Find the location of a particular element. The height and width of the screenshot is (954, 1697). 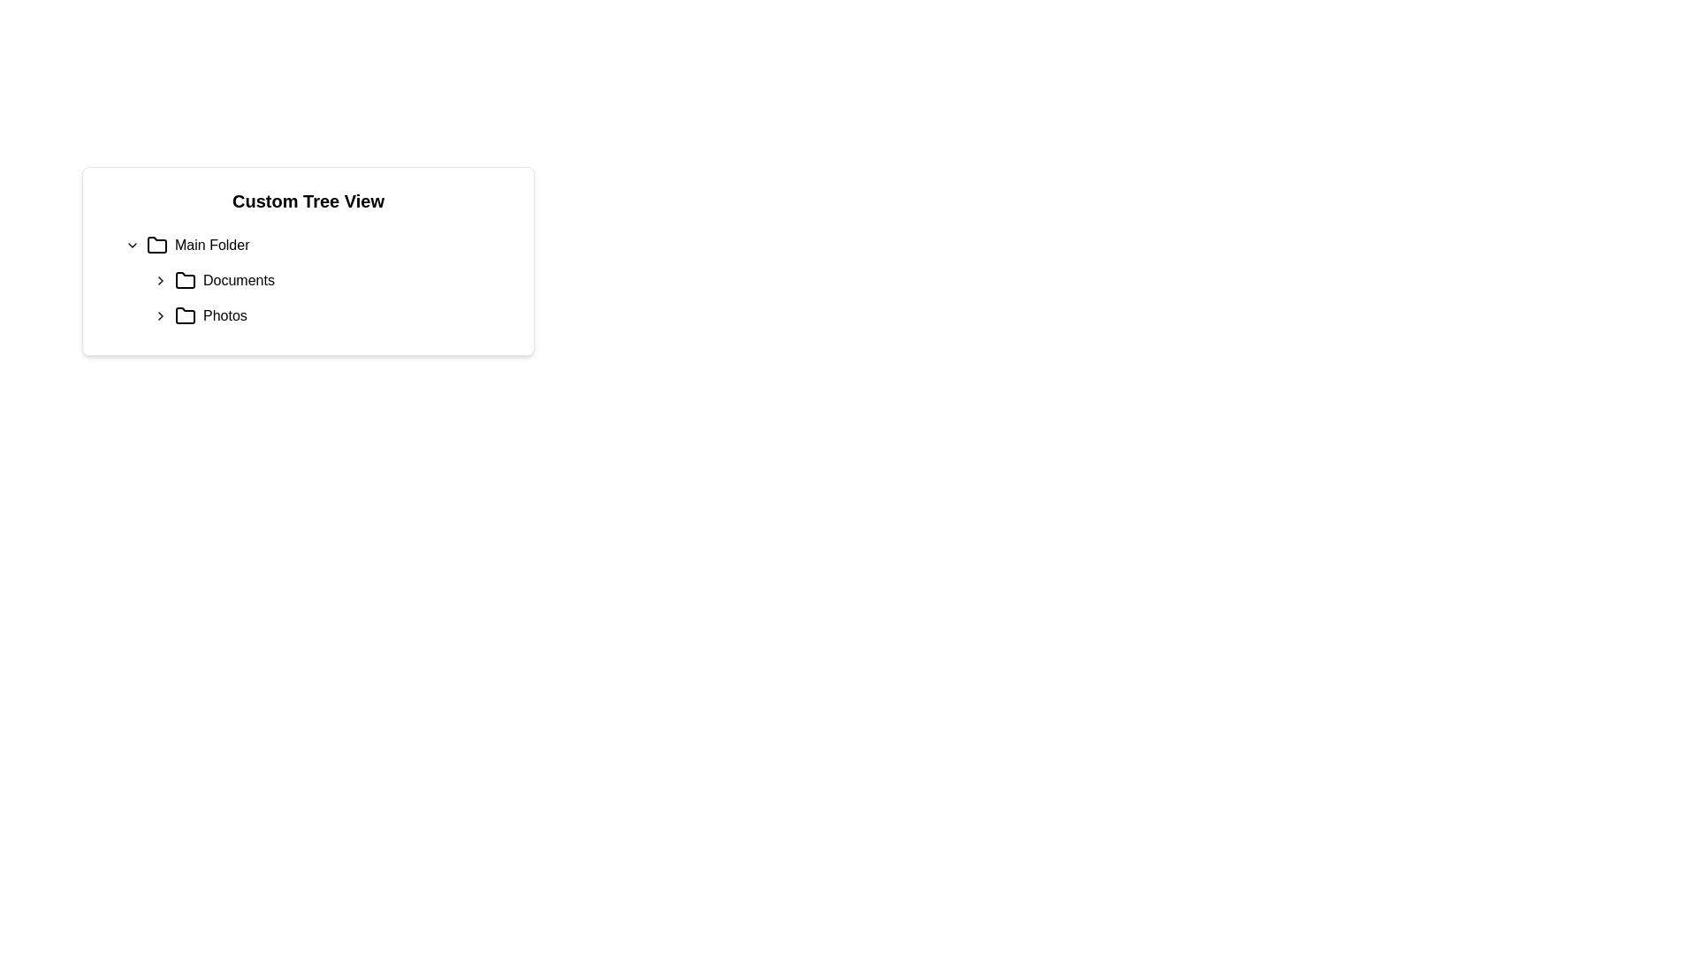

the static text label 'Documents' in the custom tree view representing file navigation, which is positioned below 'Main Folder' and above 'Photos', with a folder icon to its left is located at coordinates (238, 279).